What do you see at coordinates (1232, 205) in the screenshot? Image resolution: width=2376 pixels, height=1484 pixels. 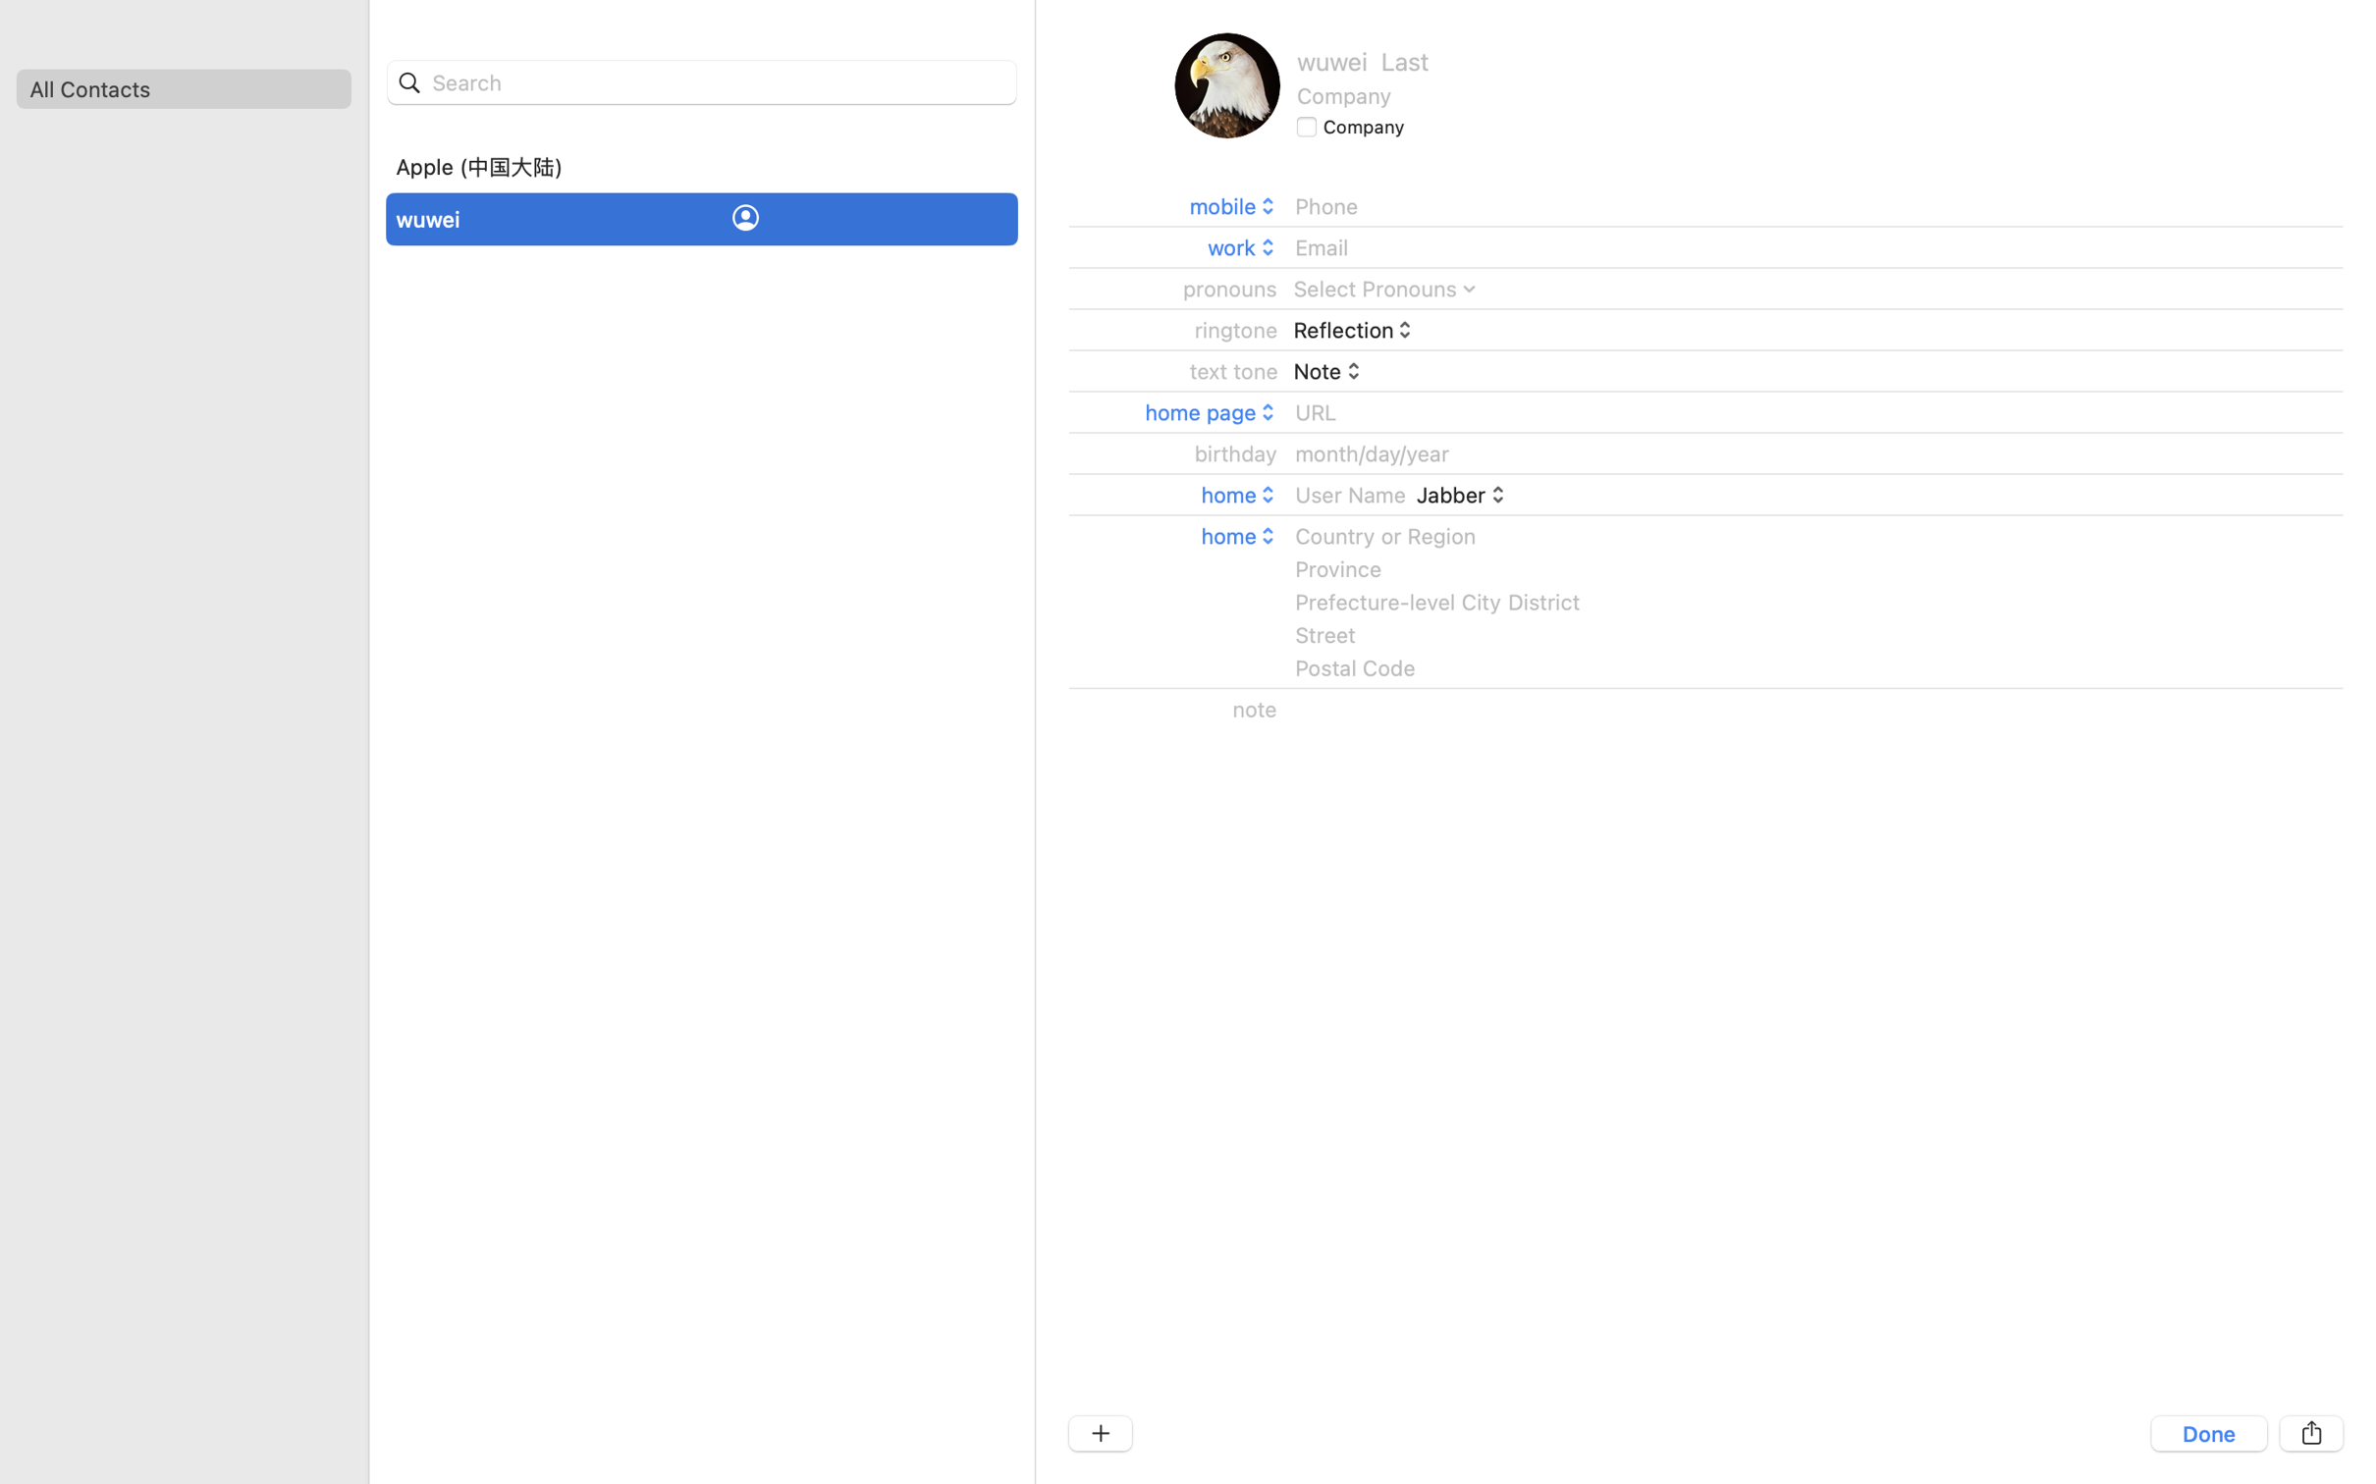 I see `'mobile'` at bounding box center [1232, 205].